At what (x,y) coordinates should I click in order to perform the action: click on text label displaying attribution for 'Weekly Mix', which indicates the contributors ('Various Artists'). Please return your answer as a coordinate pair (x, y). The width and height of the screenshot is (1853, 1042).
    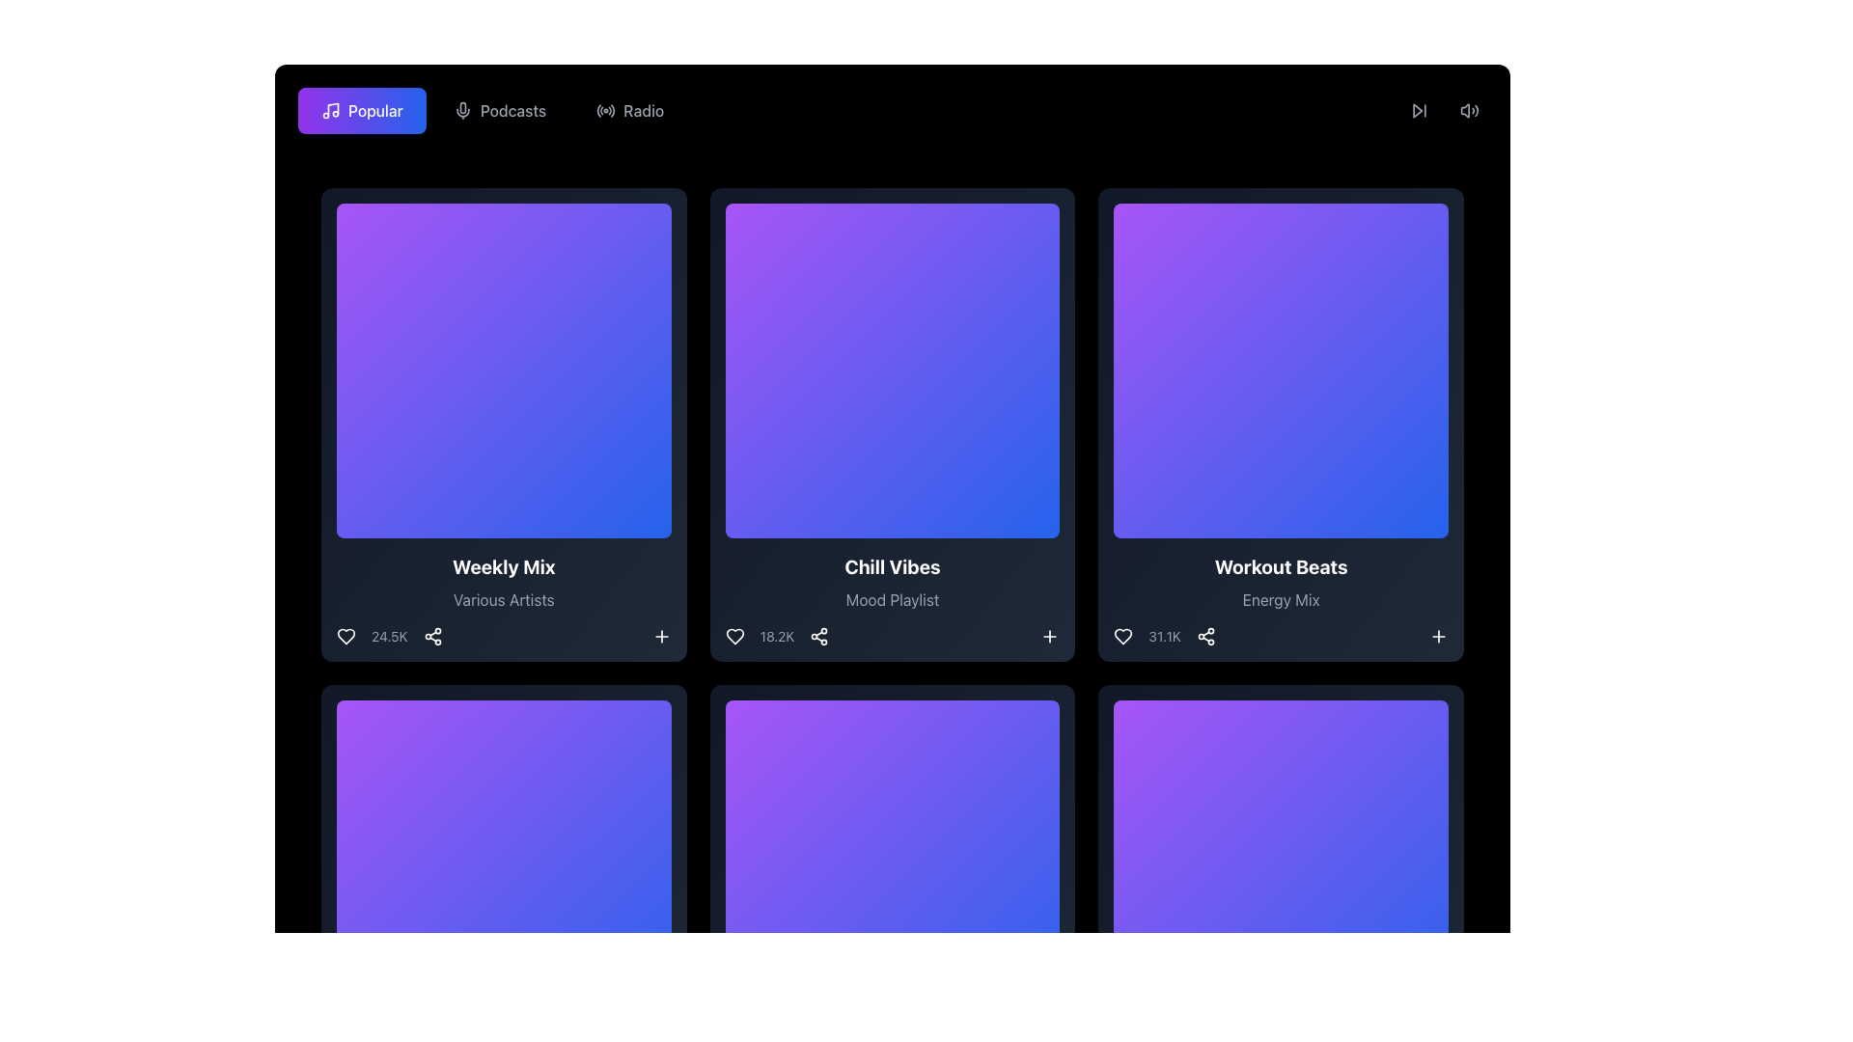
    Looking at the image, I should click on (504, 598).